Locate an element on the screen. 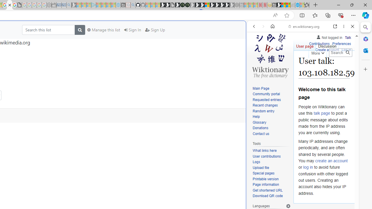 Image resolution: width=372 pixels, height=209 pixels. 'Glossary' is located at coordinates (271, 122).